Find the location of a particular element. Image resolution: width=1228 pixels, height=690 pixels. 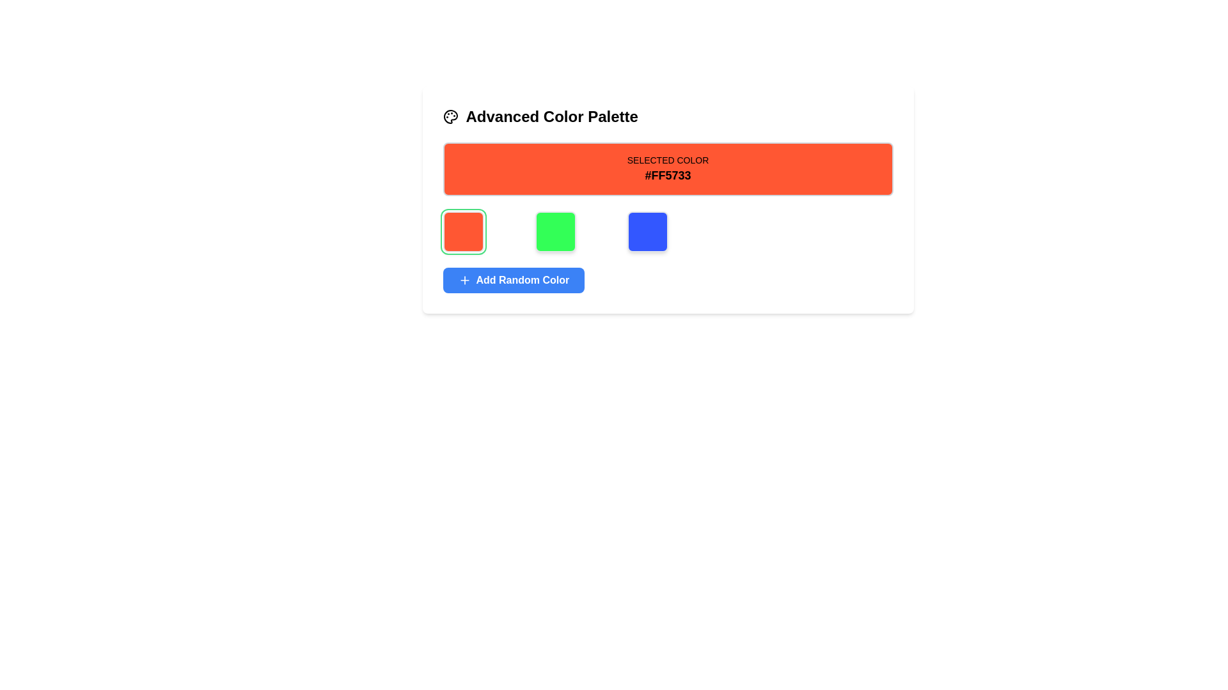

the text label reading 'Advanced Color Palette', which is styled in bold and positioned to the right of a palette icon is located at coordinates (552, 116).